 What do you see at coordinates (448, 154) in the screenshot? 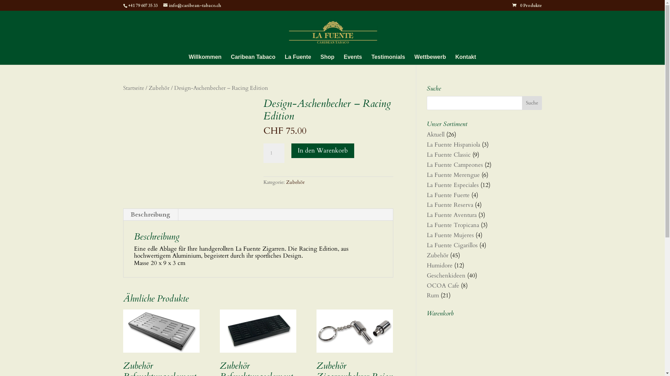
I see `'La Fuente Classic'` at bounding box center [448, 154].